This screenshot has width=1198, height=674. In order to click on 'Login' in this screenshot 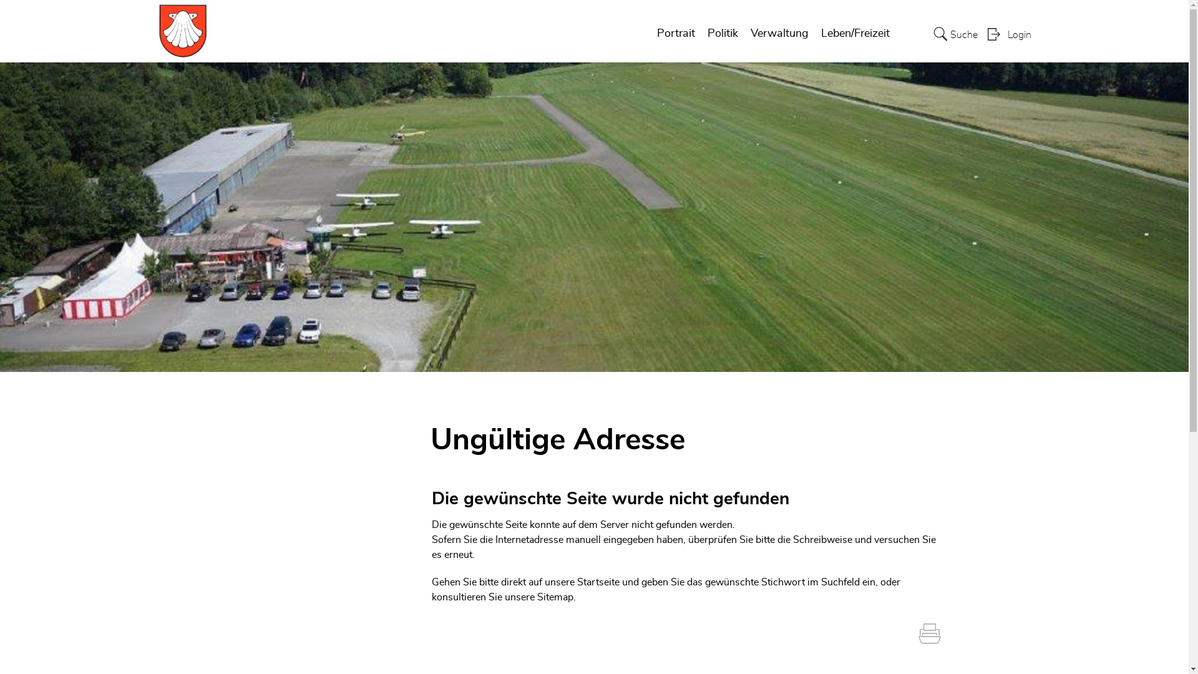, I will do `click(986, 33)`.